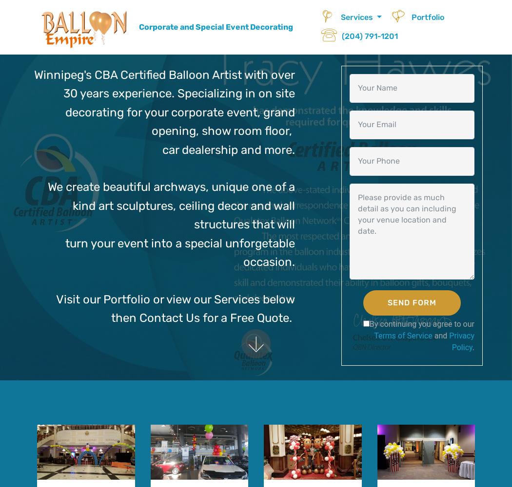 This screenshot has height=487, width=512. I want to click on 'turn your event into a special unforgetable occasion.', so click(179, 252).